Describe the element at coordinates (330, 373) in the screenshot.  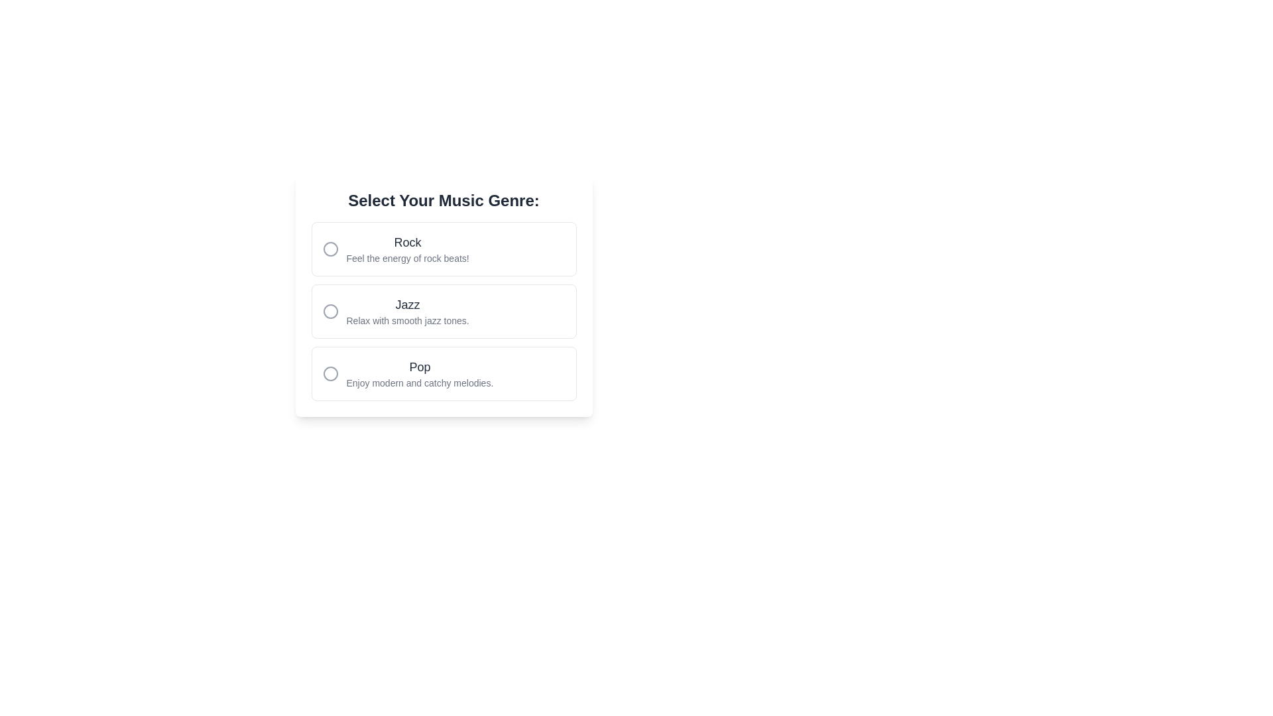
I see `the circle graphic element that represents the 'Pop' selection in the music genres radio button group` at that location.